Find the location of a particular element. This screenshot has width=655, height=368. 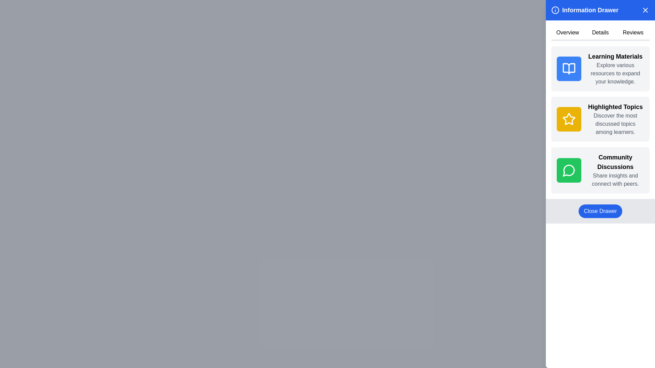

the appearance of the community discussions icon located at the top-left corner of the 'Community Discussions' card, which is the third card in a vertical series is located at coordinates (569, 170).